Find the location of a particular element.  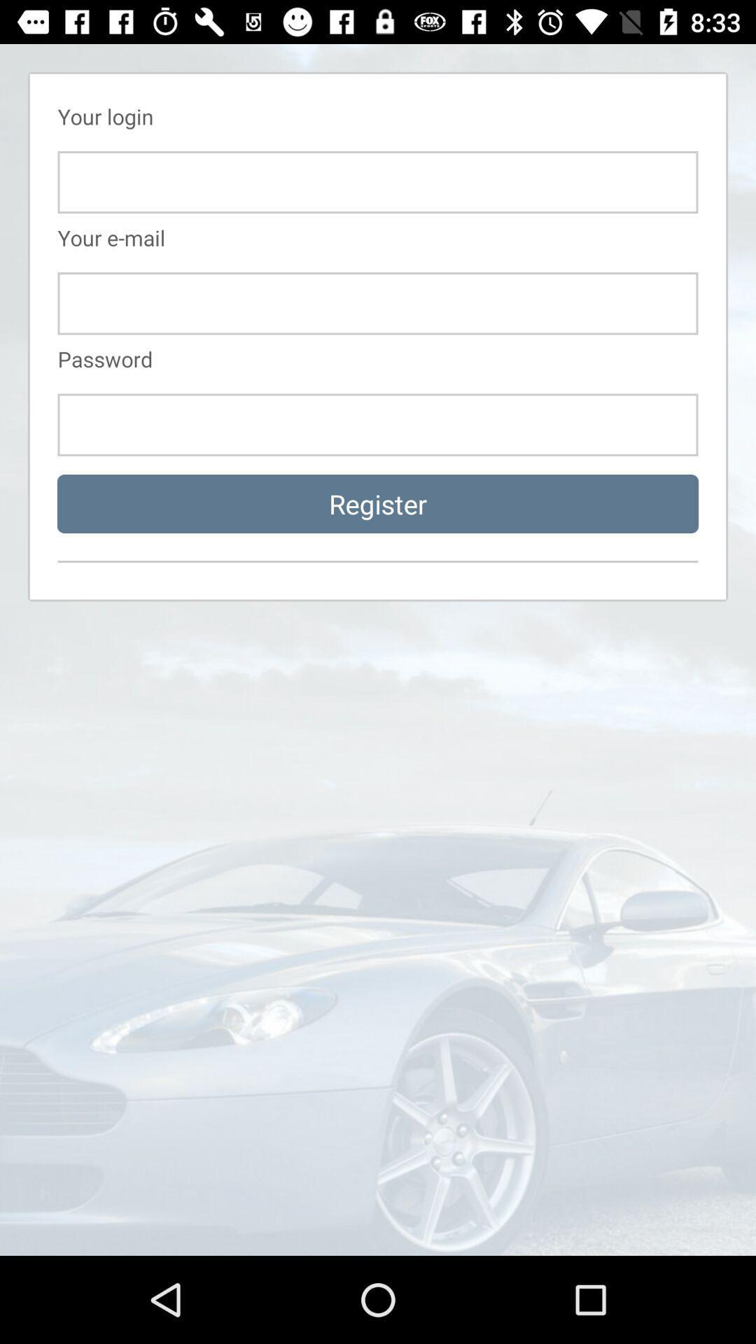

text field to enter login is located at coordinates (378, 181).